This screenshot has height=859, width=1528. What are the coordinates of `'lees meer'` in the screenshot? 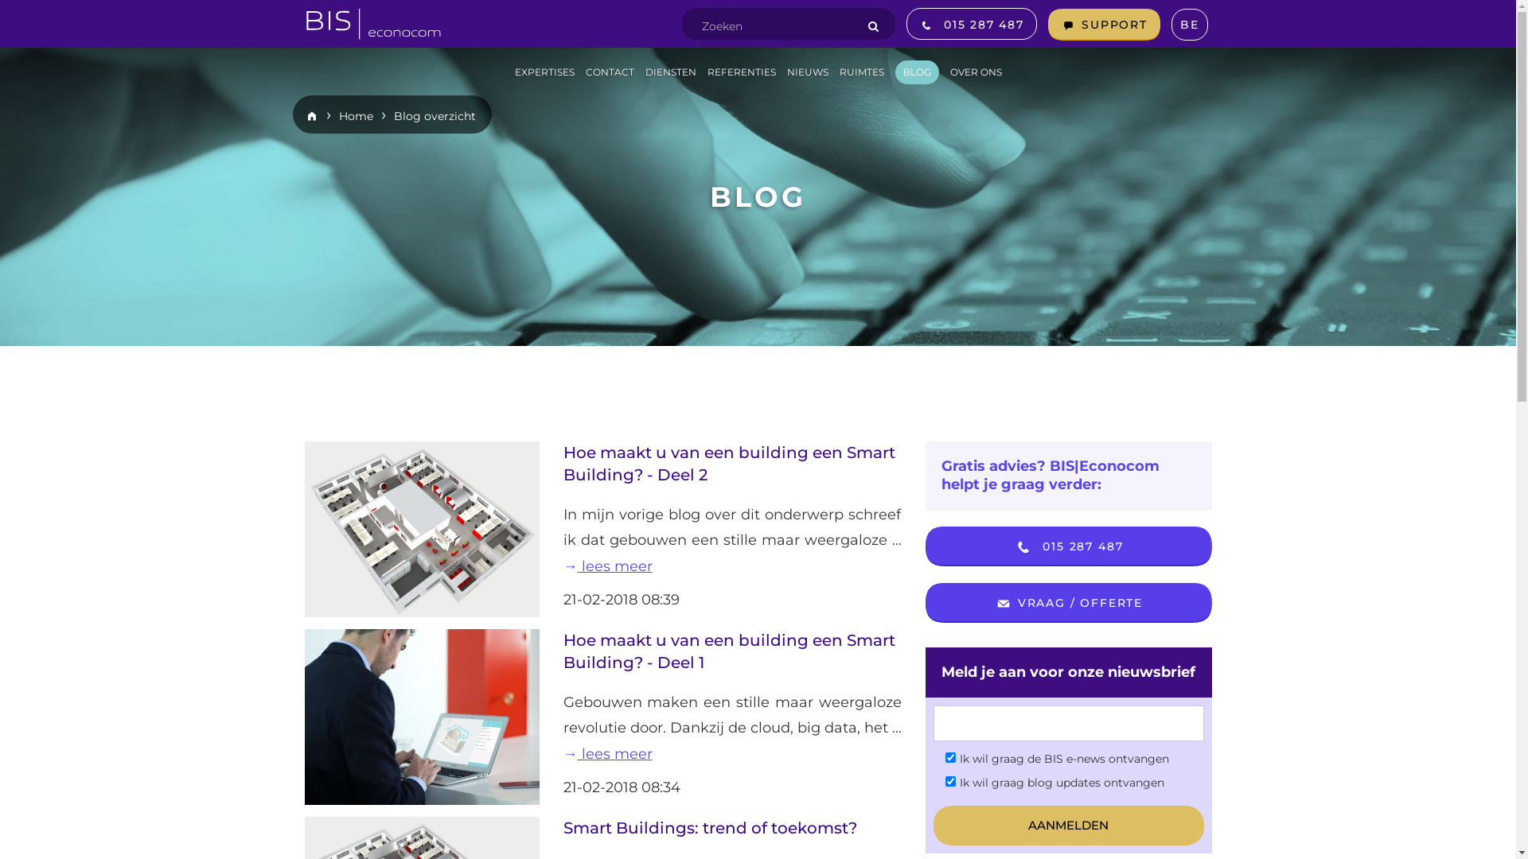 It's located at (606, 566).